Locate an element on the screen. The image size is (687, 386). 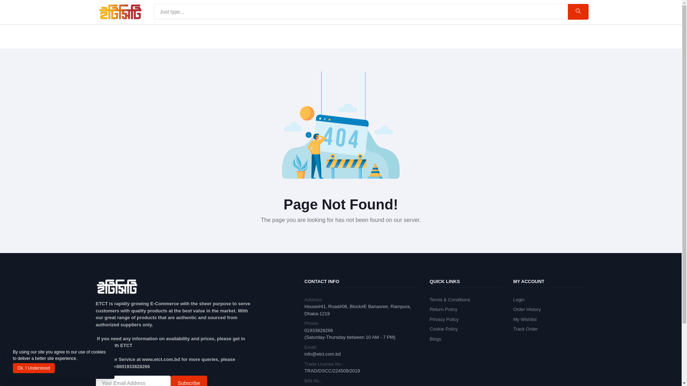
'Order History' is located at coordinates (527, 309).